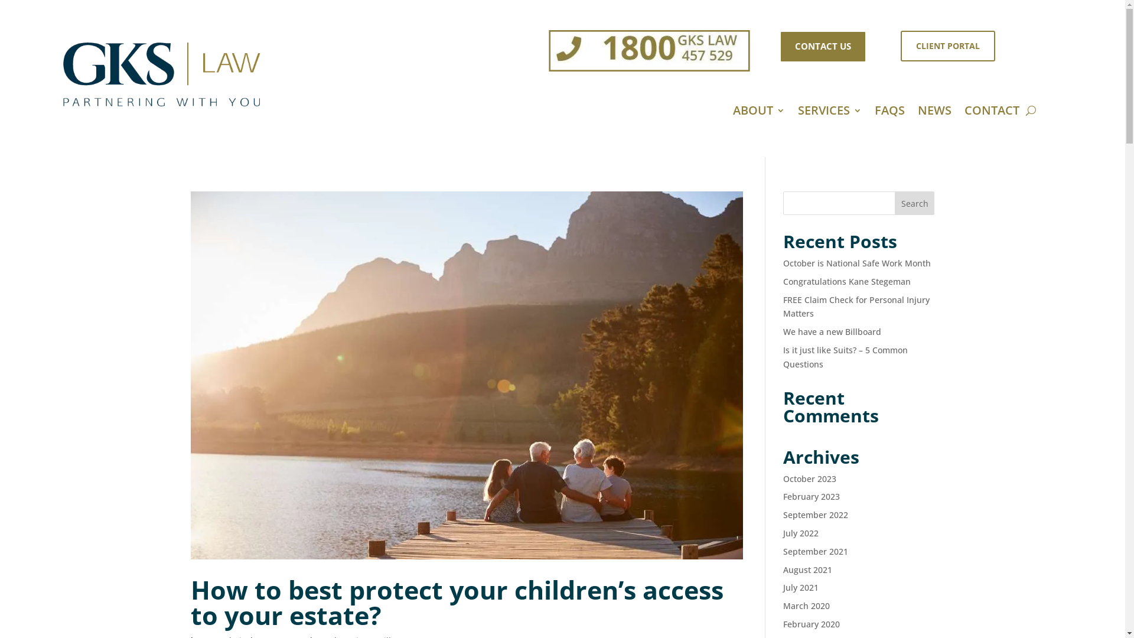 Image resolution: width=1134 pixels, height=638 pixels. What do you see at coordinates (822, 45) in the screenshot?
I see `'CONTACT US'` at bounding box center [822, 45].